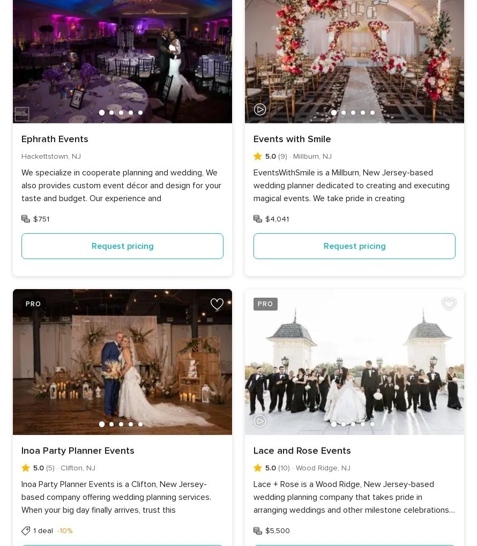 The height and width of the screenshot is (546, 477). What do you see at coordinates (49, 468) in the screenshot?
I see `'(5)'` at bounding box center [49, 468].